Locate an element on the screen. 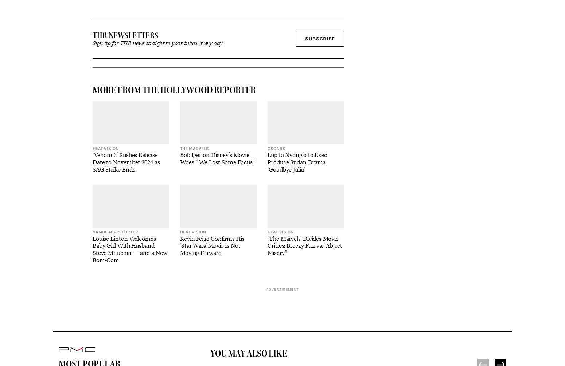  'You may also like' is located at coordinates (248, 353).